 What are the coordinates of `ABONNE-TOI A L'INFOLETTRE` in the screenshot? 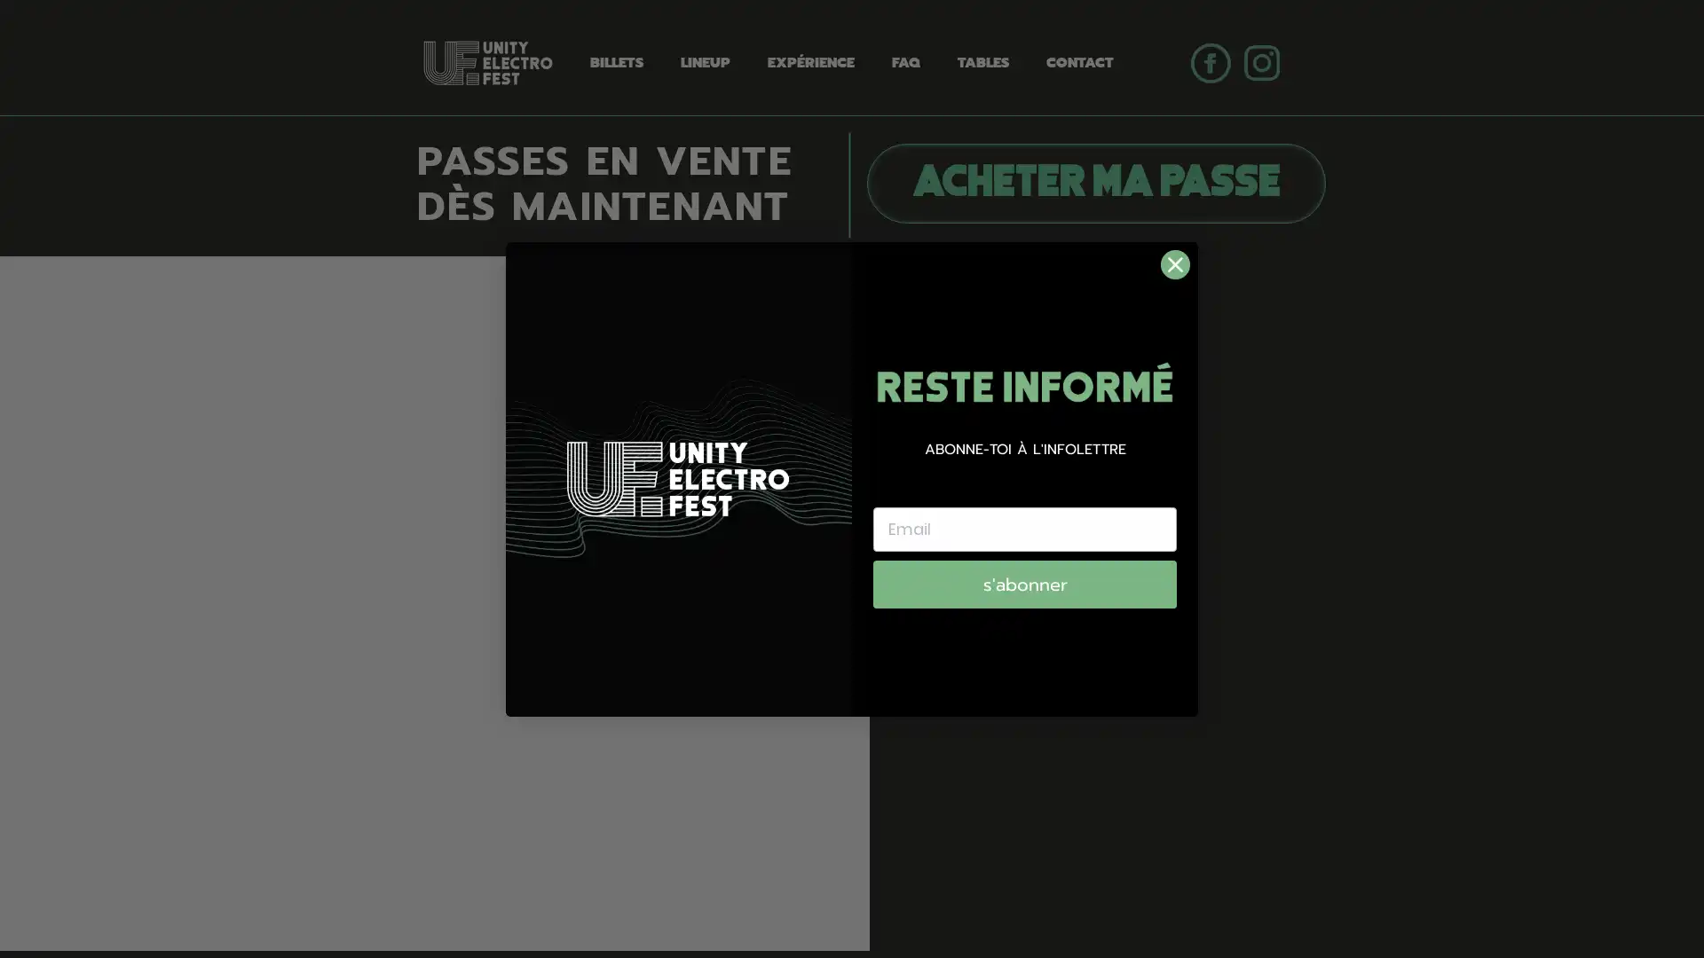 It's located at (1025, 447).